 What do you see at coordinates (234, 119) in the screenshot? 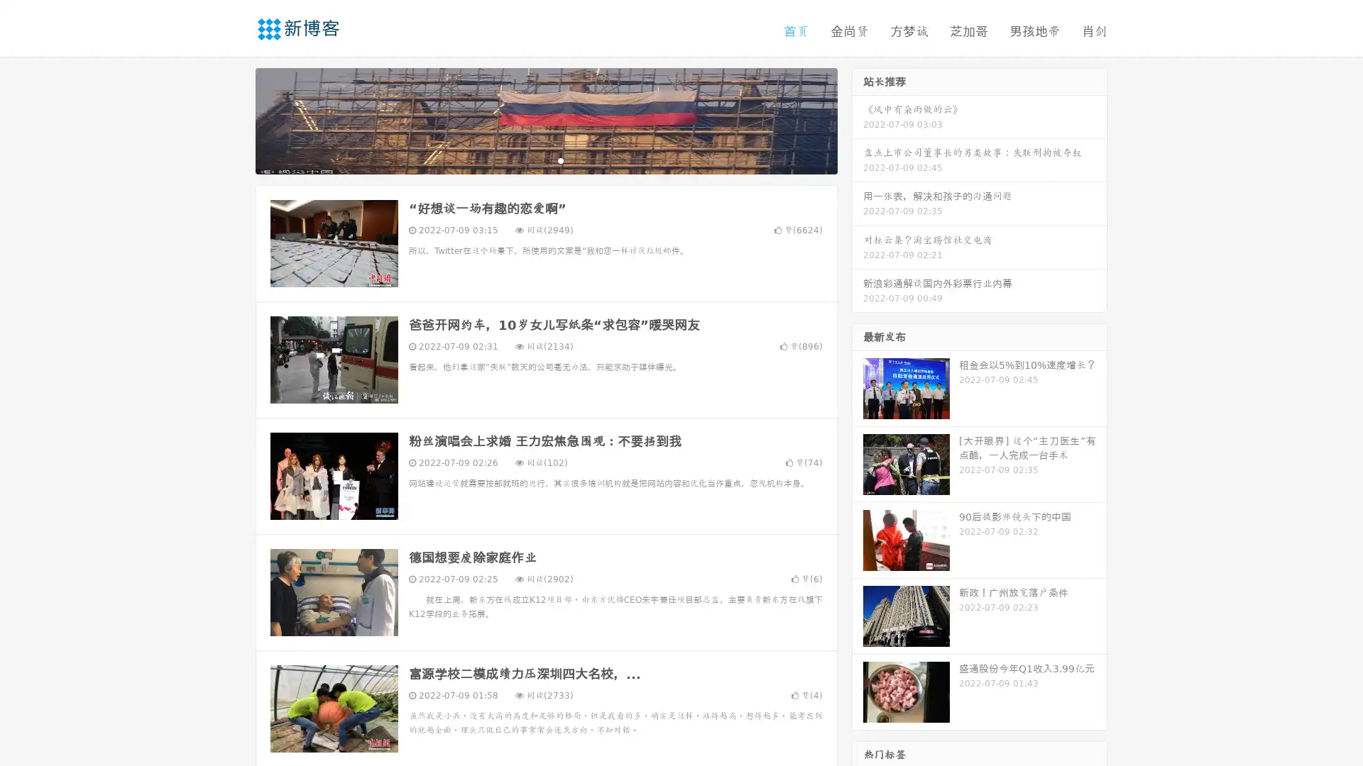
I see `Previous slide` at bounding box center [234, 119].